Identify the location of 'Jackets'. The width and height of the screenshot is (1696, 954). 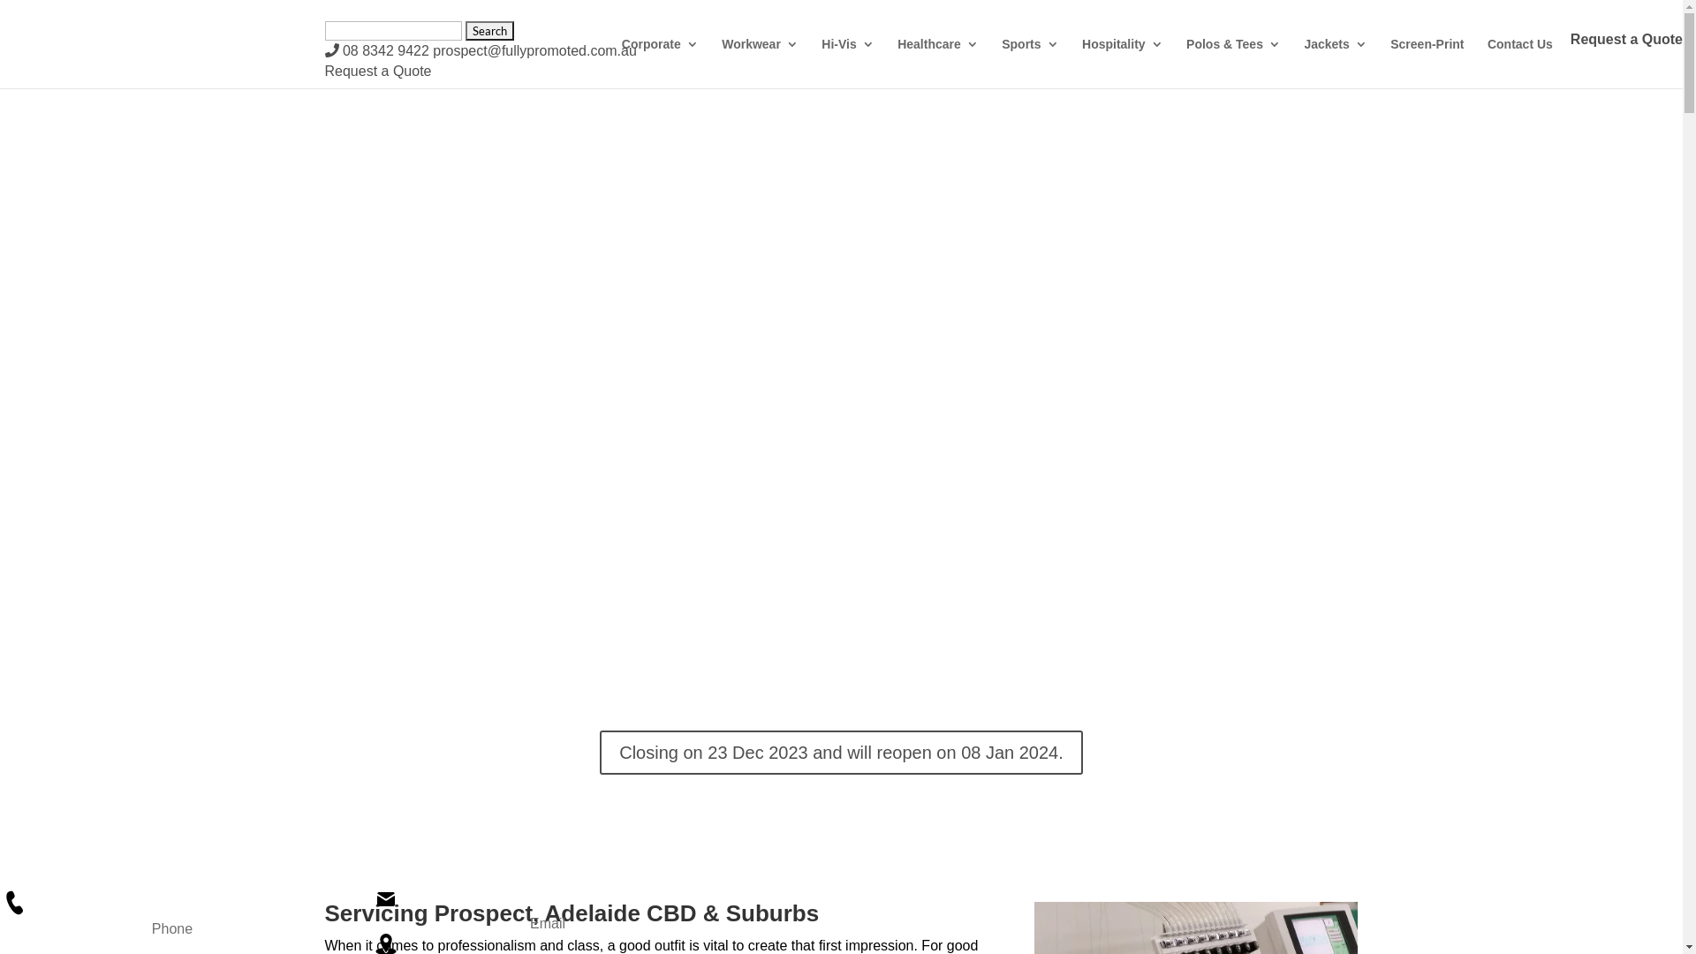
(1335, 57).